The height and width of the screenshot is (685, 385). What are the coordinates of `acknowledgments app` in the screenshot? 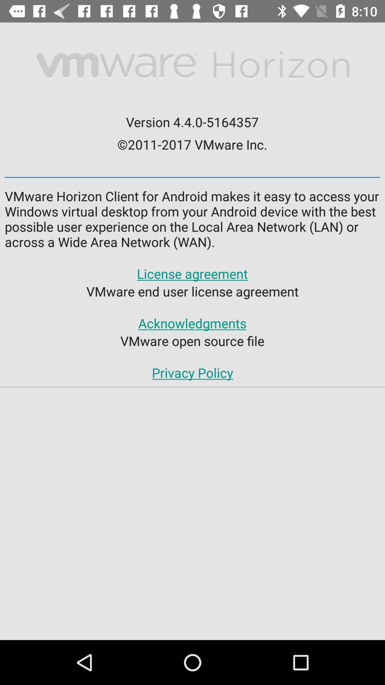 It's located at (192, 323).